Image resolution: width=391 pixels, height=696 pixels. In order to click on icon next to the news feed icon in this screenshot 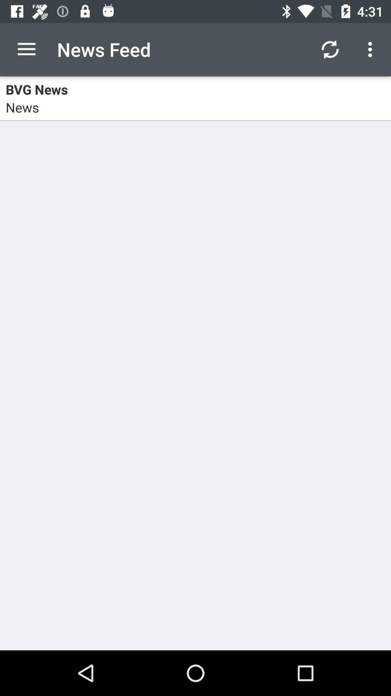, I will do `click(26, 49)`.